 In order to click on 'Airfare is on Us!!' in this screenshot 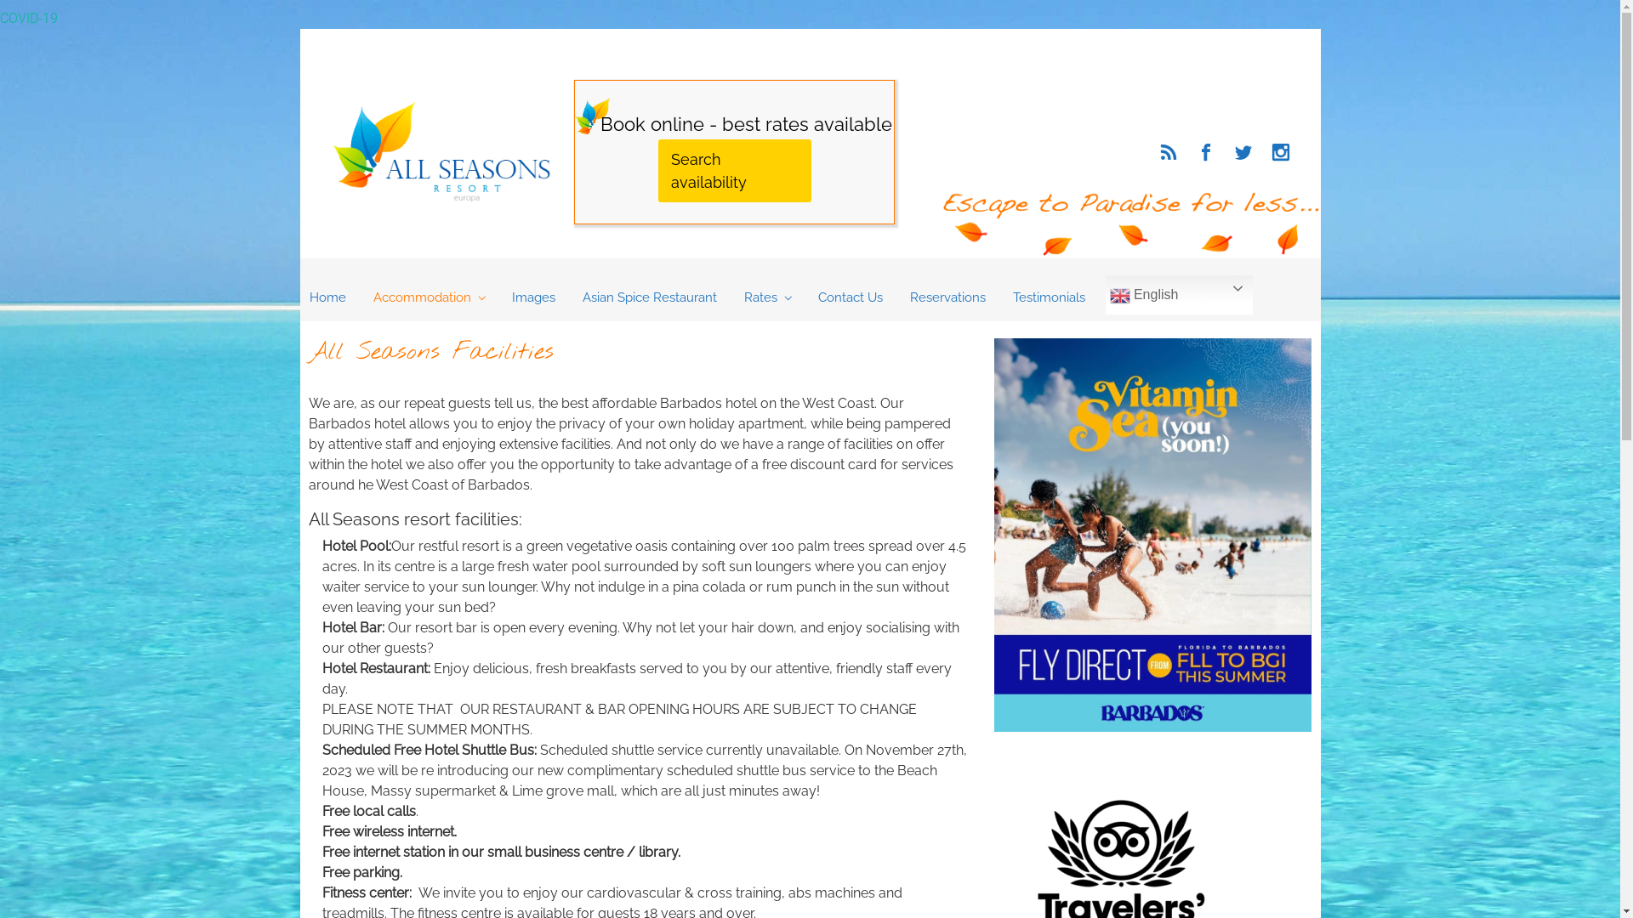, I will do `click(1152, 534)`.